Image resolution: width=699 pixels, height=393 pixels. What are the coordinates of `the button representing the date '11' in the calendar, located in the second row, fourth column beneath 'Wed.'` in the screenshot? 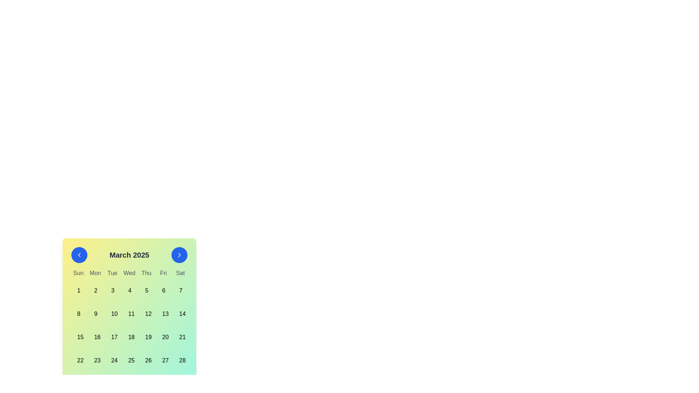 It's located at (129, 314).